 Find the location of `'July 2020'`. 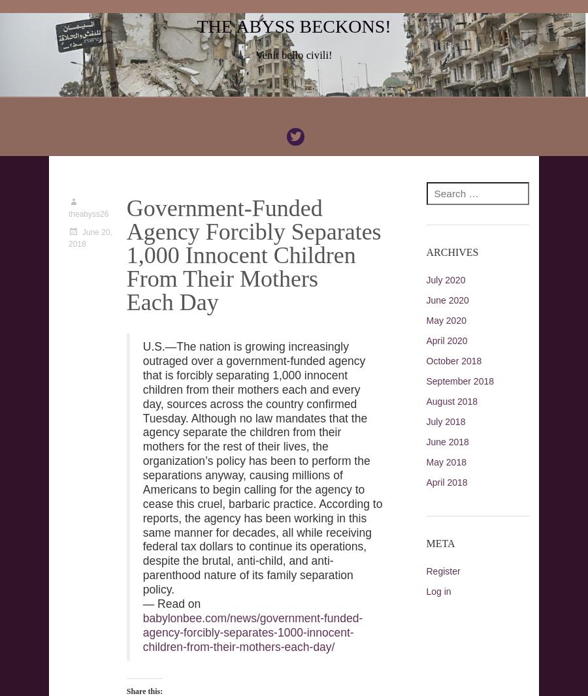

'July 2020' is located at coordinates (445, 279).